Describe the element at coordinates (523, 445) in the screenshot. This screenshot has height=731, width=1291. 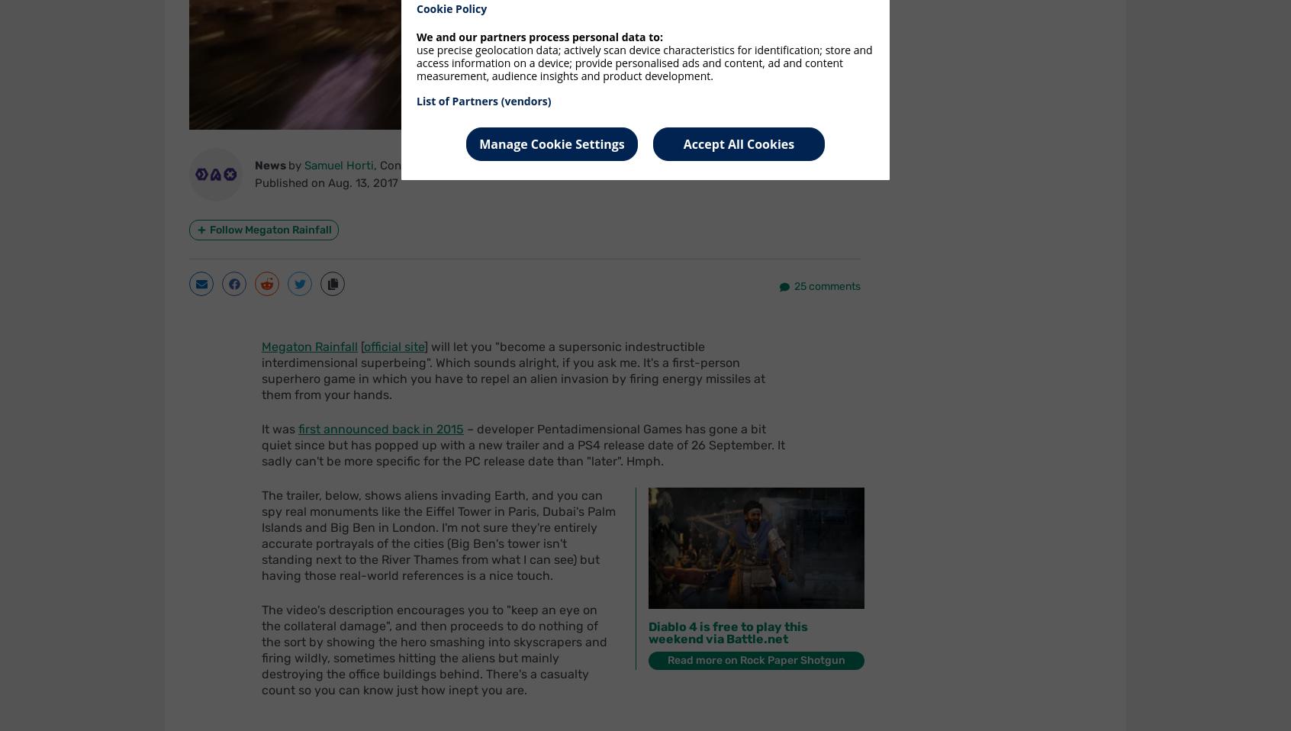
I see `'– developer Pentadimensional Games has gone a bit quiet since but has popped up with a new trailer and a PS4 release date of 26 September. It sadly can't be more specific for the PC release date than "later". Hmph.'` at that location.